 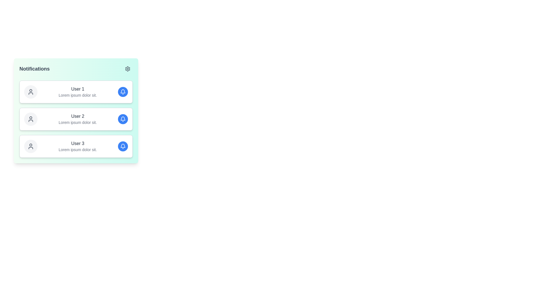 I want to click on the gear icon button located in the top right corner of the notification panel, so click(x=127, y=68).